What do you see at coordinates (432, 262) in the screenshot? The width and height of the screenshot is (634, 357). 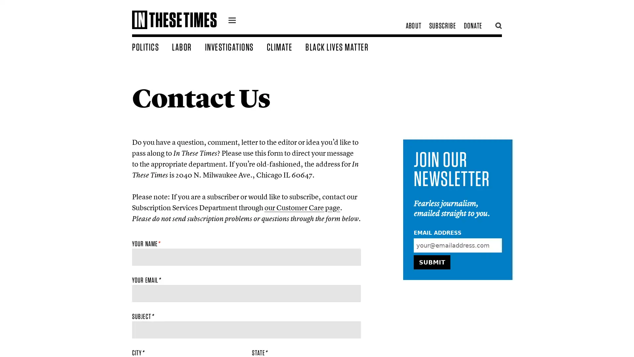 I see `Submit` at bounding box center [432, 262].